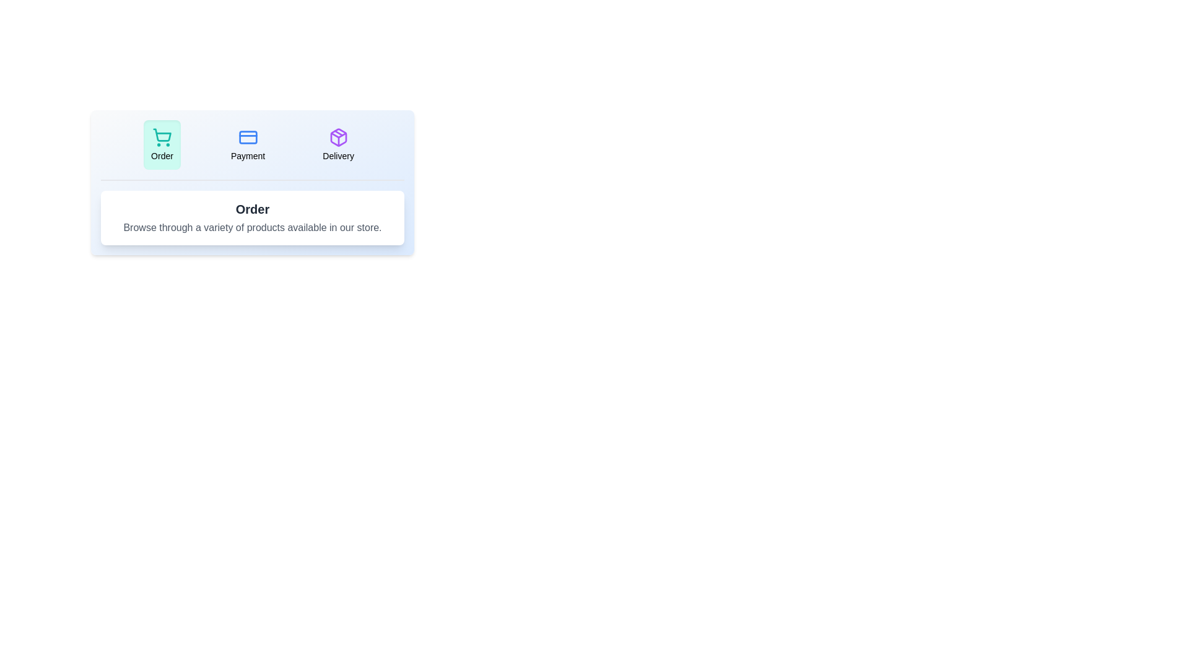 The height and width of the screenshot is (669, 1189). Describe the element at coordinates (338, 144) in the screenshot. I see `the Delivery tab by clicking on it` at that location.